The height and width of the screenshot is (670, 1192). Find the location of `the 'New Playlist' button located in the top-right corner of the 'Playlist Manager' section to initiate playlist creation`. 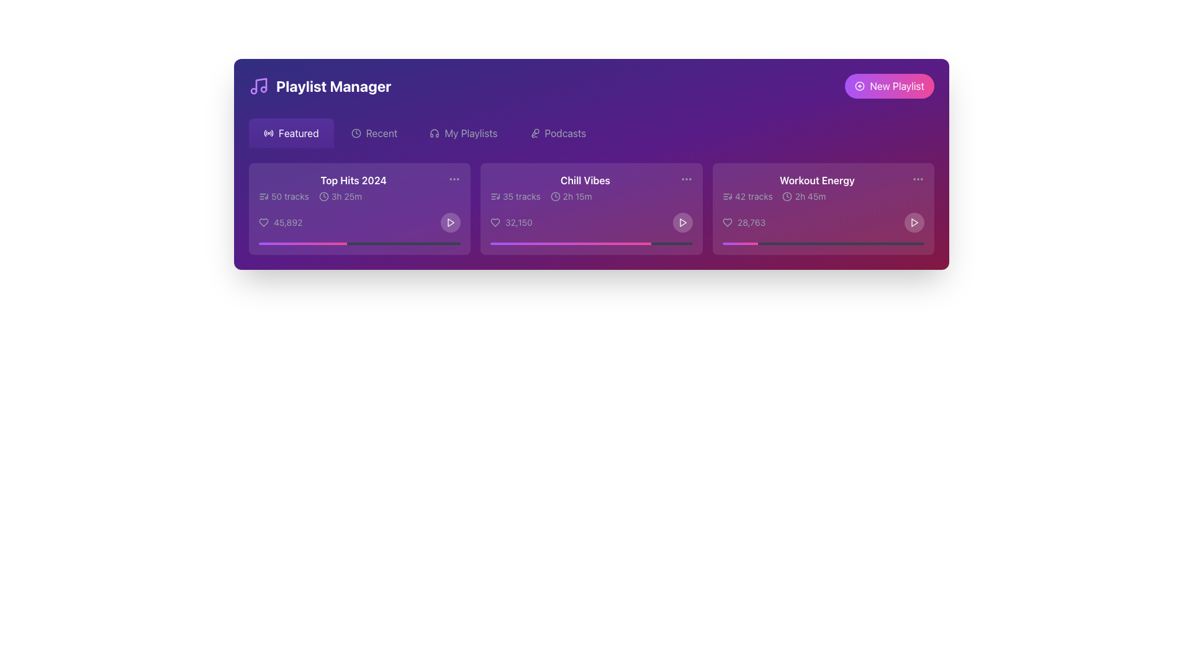

the 'New Playlist' button located in the top-right corner of the 'Playlist Manager' section to initiate playlist creation is located at coordinates (889, 85).